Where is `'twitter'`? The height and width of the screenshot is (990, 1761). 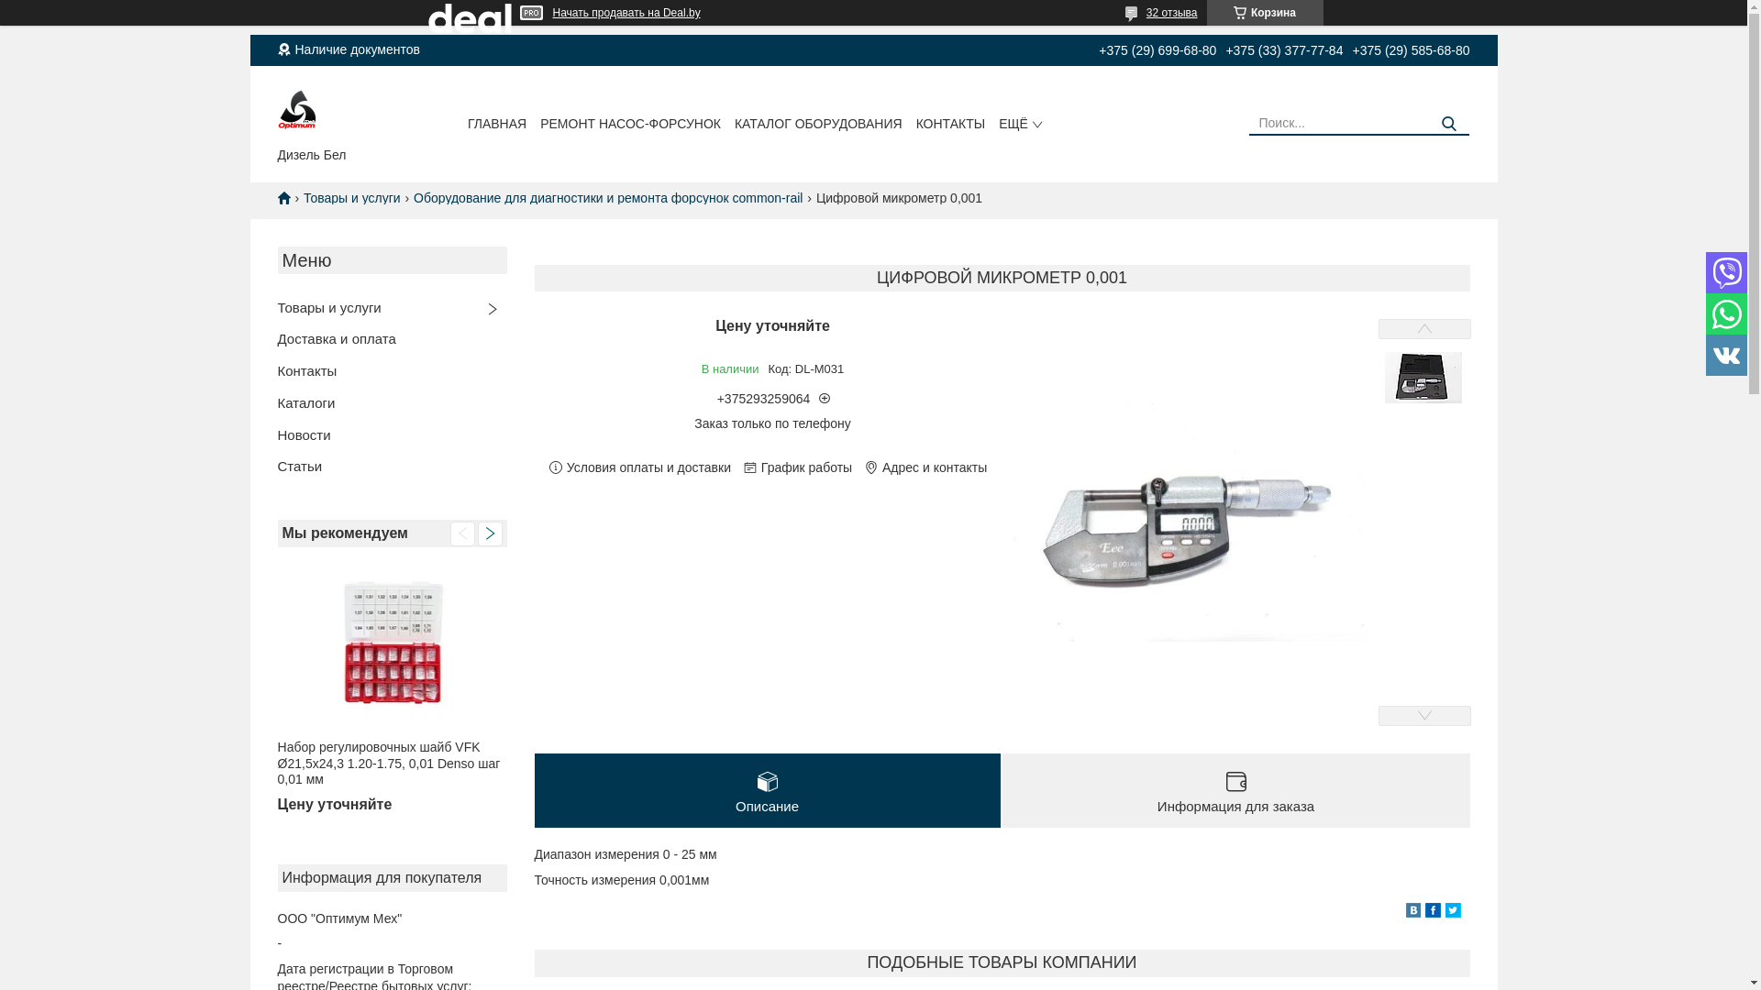
'twitter' is located at coordinates (1452, 912).